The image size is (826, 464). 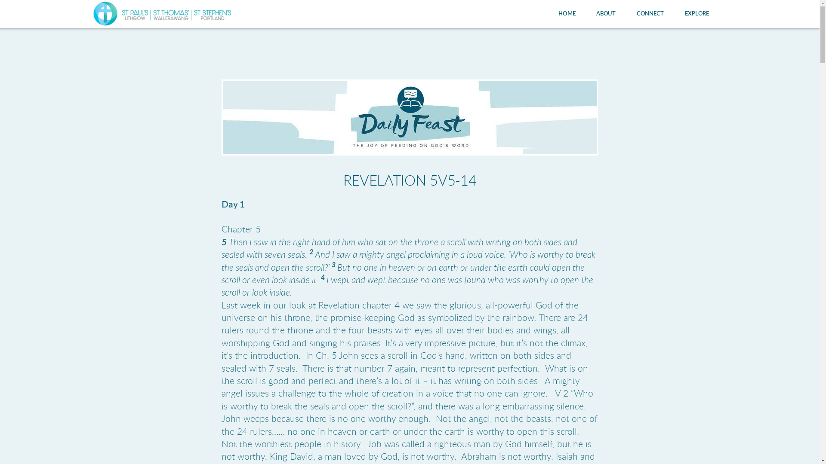 I want to click on 'ABOUT', so click(x=606, y=14).